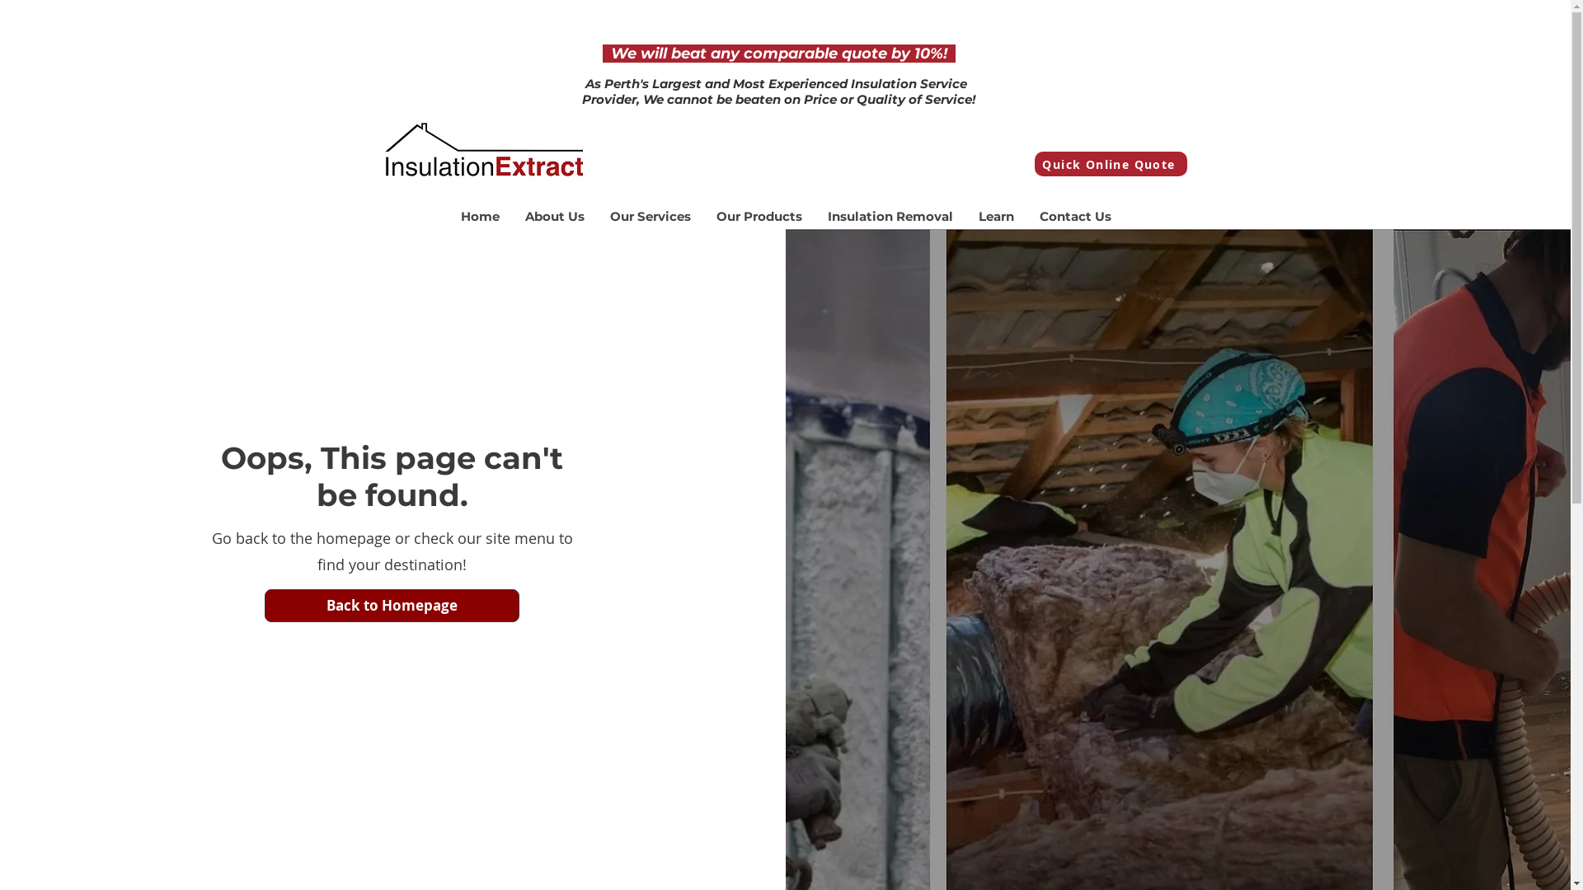 The width and height of the screenshot is (1583, 890). Describe the element at coordinates (391, 606) in the screenshot. I see `'Back to Homepage'` at that location.